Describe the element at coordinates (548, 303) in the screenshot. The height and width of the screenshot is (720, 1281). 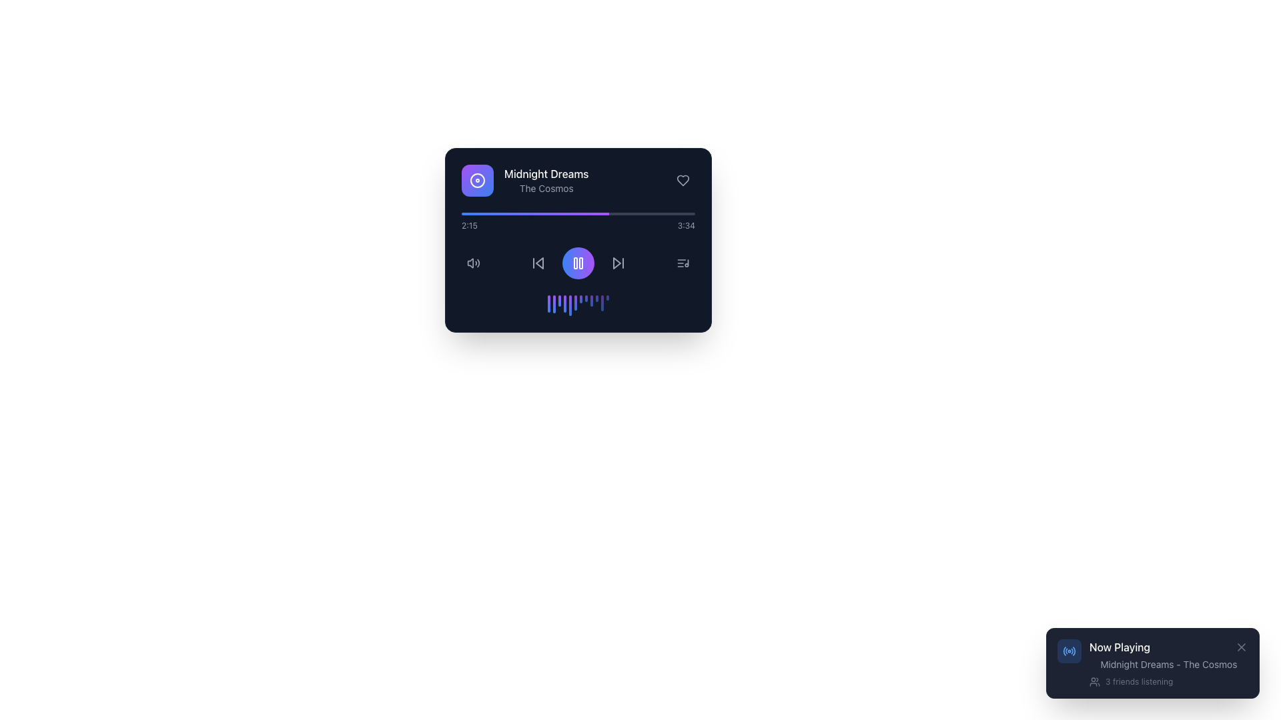
I see `the vertical gradient visual indicator, which transitions from blue at the base to purple at the top and is the first in a sequence of 12 similar bars in the music player widget` at that location.